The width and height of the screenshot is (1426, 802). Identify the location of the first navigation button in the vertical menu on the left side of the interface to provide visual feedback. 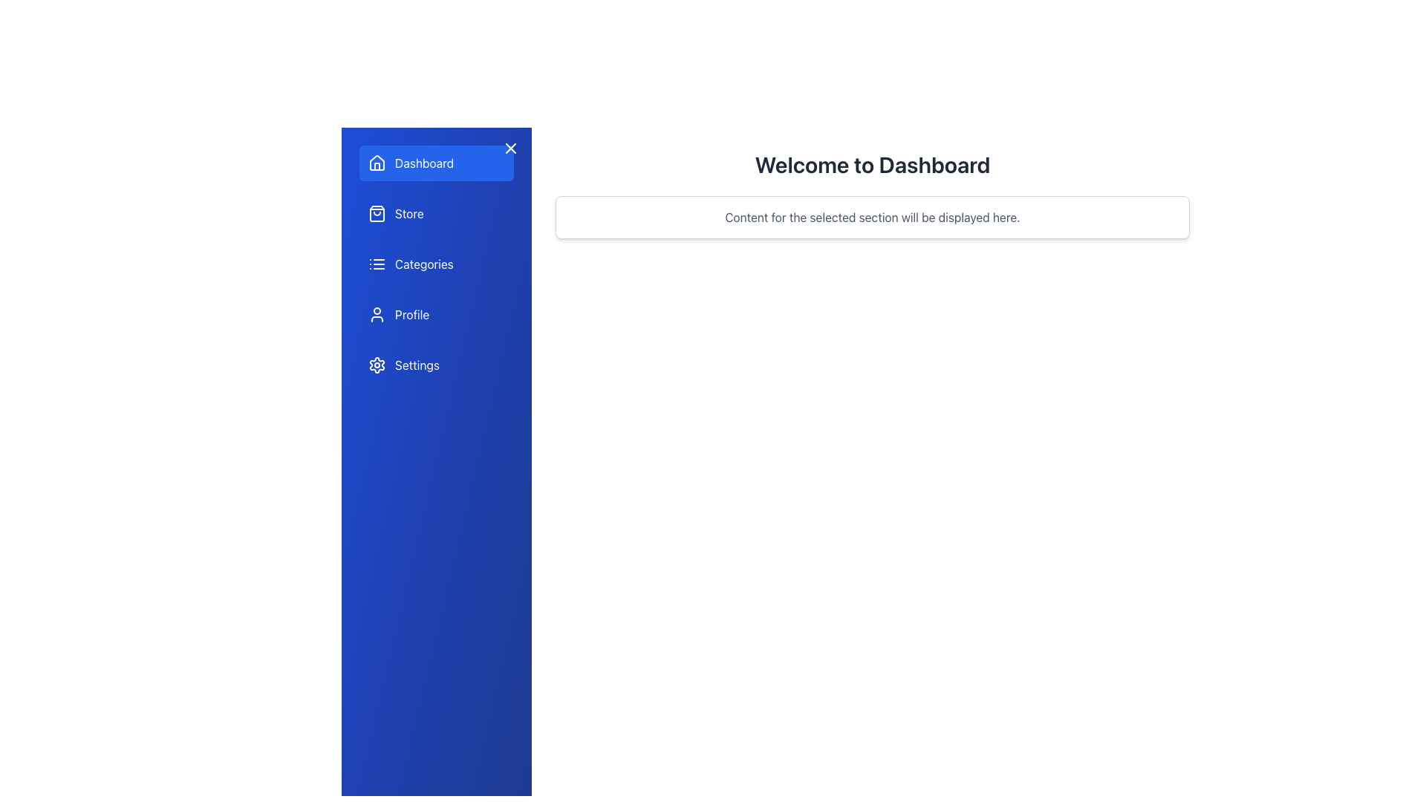
(436, 163).